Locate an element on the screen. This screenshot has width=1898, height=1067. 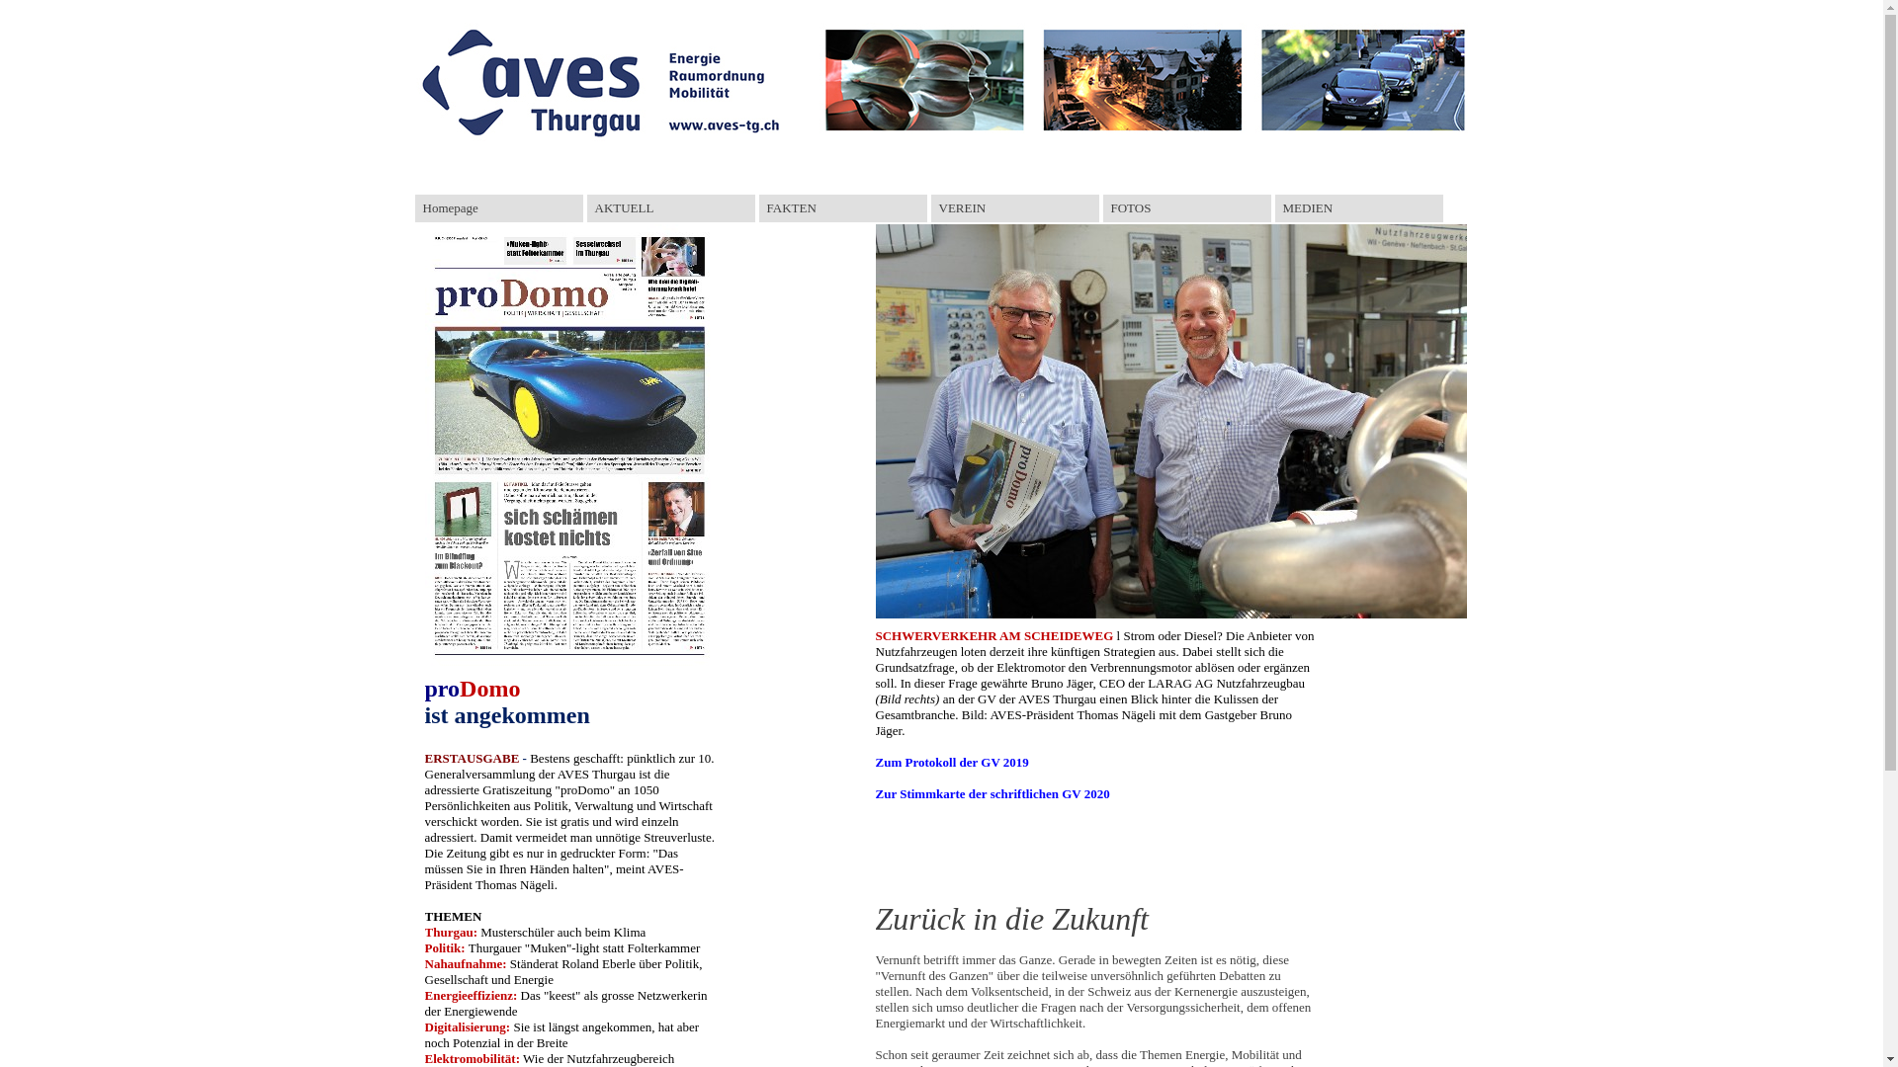
'AKTUELL' is located at coordinates (586, 208).